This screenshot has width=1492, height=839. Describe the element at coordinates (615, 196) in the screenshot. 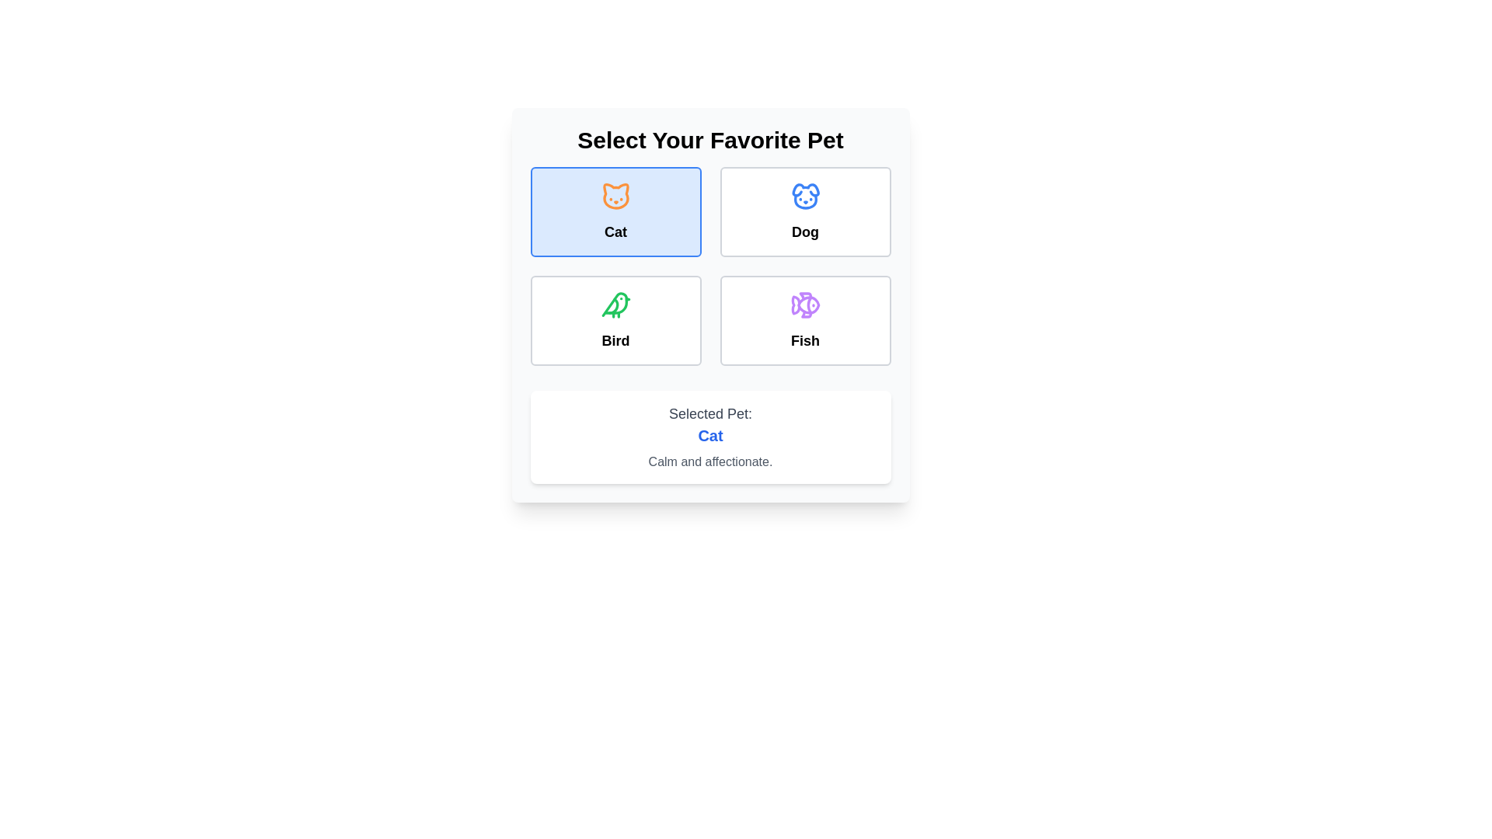

I see `the circular cat icon featuring a simplistic depiction of a cat's face in orange, located in the top-left box of the grid layout` at that location.